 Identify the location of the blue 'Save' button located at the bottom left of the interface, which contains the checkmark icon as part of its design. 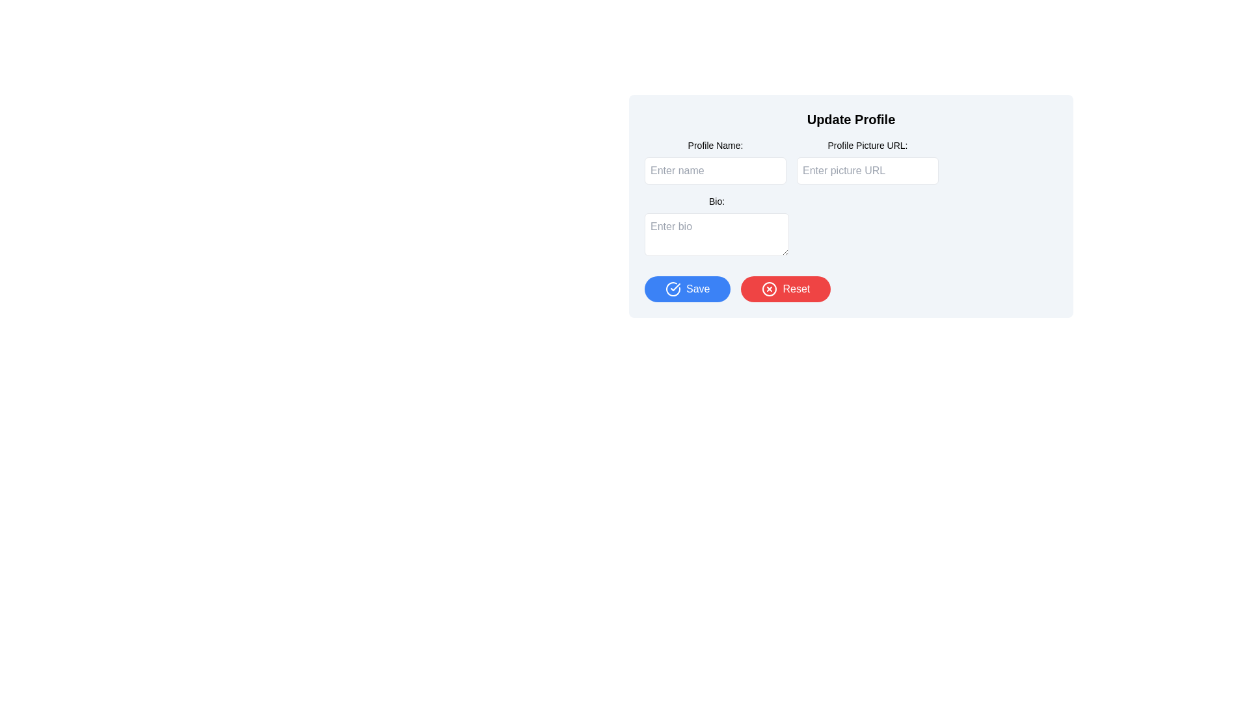
(675, 287).